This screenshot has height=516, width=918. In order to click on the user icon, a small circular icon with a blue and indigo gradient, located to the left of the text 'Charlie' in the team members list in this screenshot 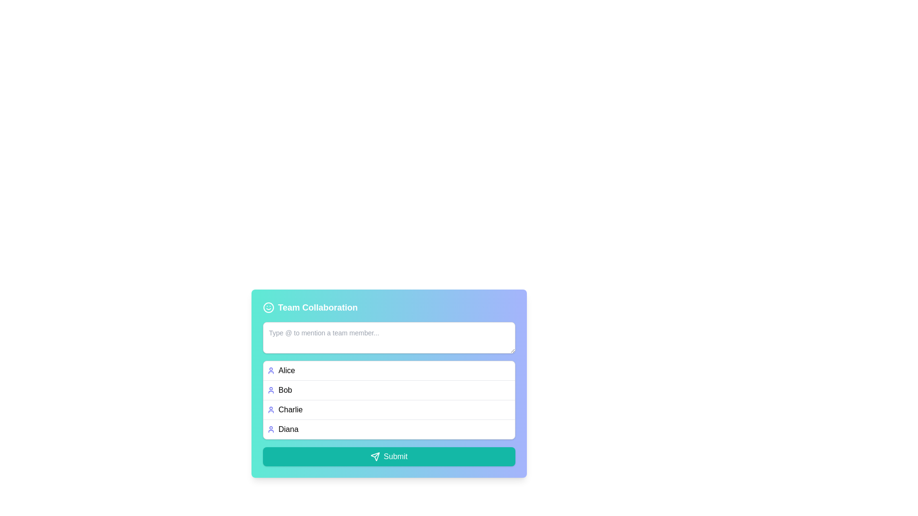, I will do `click(270, 409)`.